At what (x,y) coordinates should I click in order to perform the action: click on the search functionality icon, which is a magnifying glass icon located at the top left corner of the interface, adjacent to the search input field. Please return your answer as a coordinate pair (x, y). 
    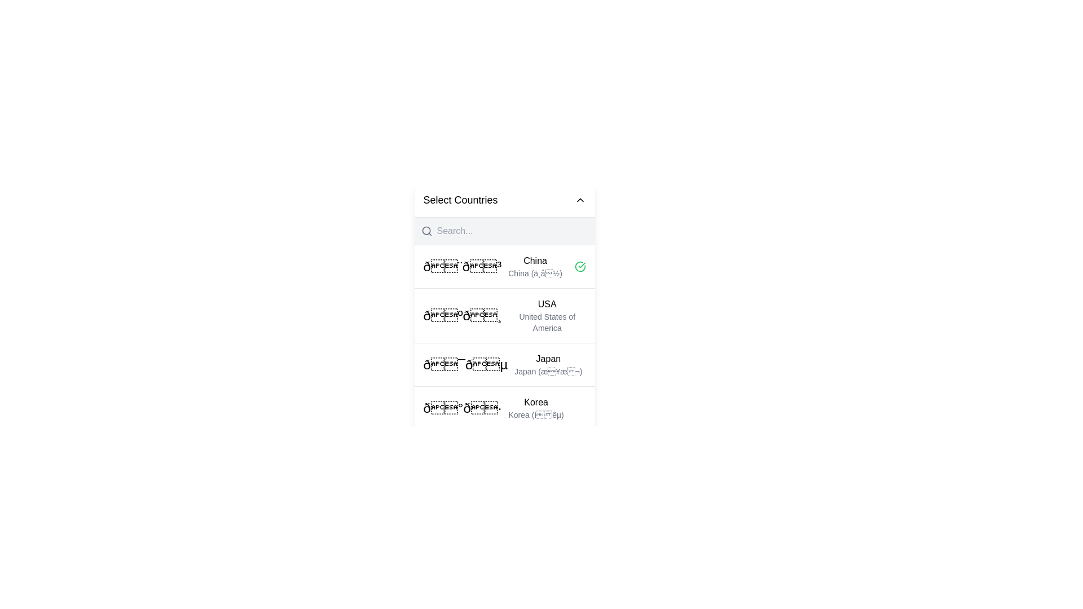
    Looking at the image, I should click on (426, 230).